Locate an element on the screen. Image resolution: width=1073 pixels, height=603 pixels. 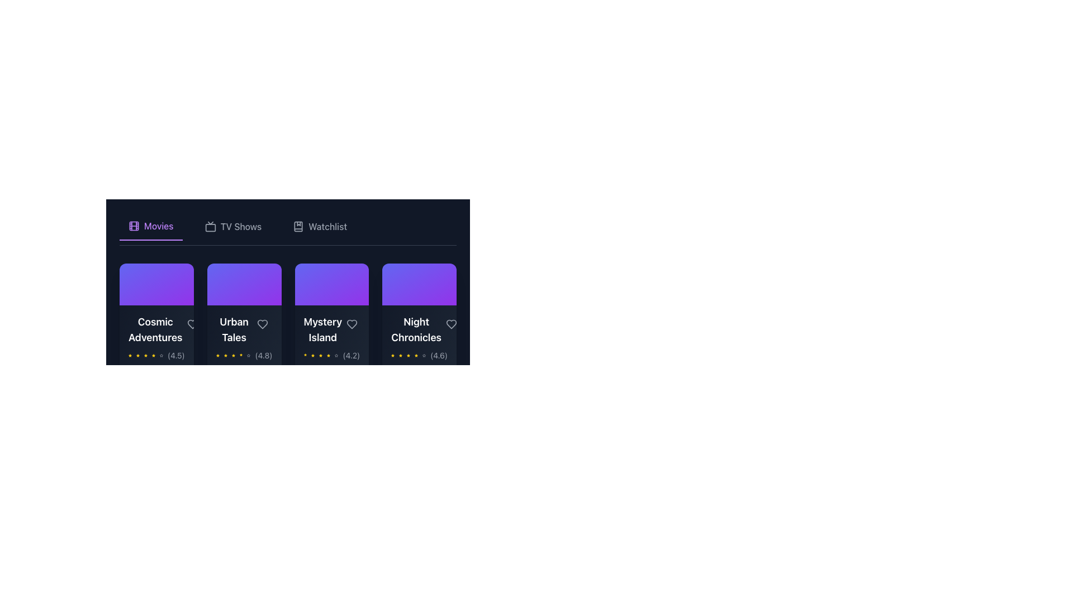
the first yellow star icon in the rating section below the 'Mystery Island' card in the 'Movies' tab to inspect details is located at coordinates (305, 355).